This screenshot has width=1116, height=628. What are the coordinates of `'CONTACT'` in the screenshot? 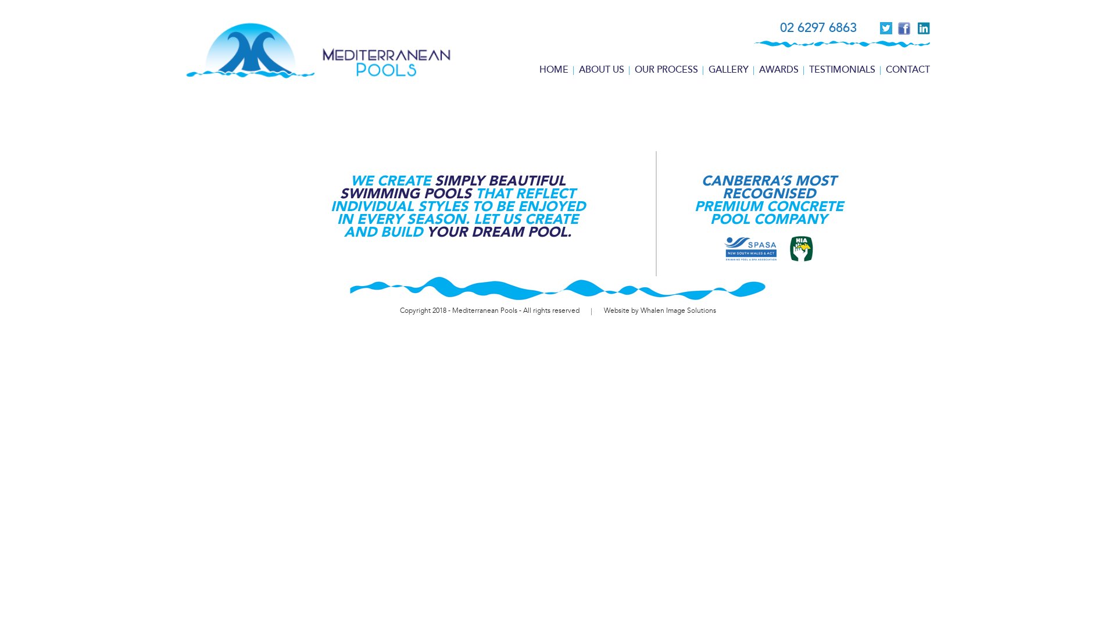 It's located at (907, 69).